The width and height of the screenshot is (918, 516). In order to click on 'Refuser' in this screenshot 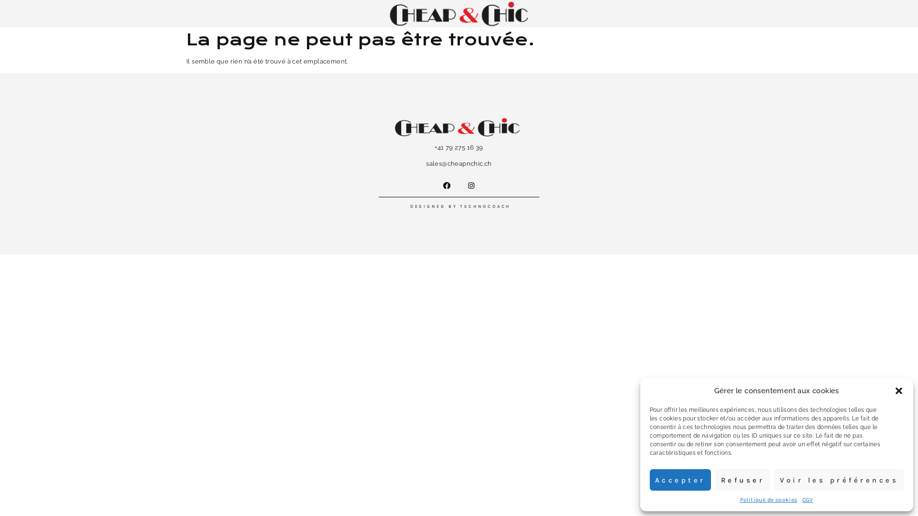, I will do `click(742, 480)`.